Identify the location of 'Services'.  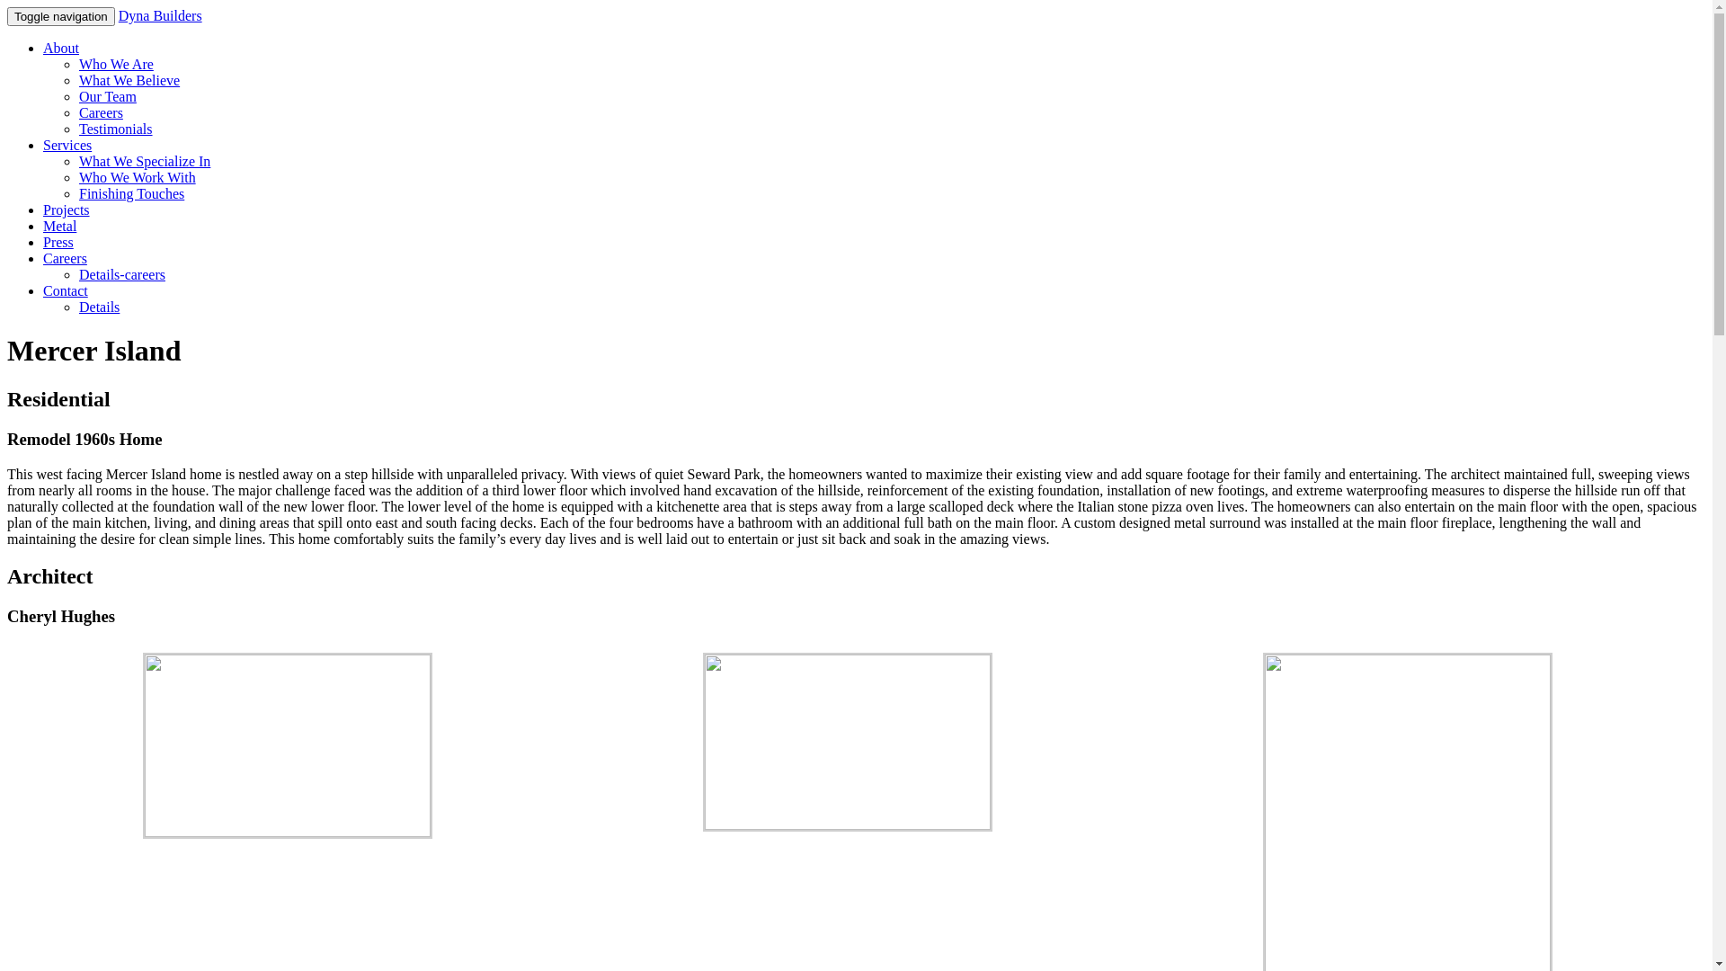
(43, 144).